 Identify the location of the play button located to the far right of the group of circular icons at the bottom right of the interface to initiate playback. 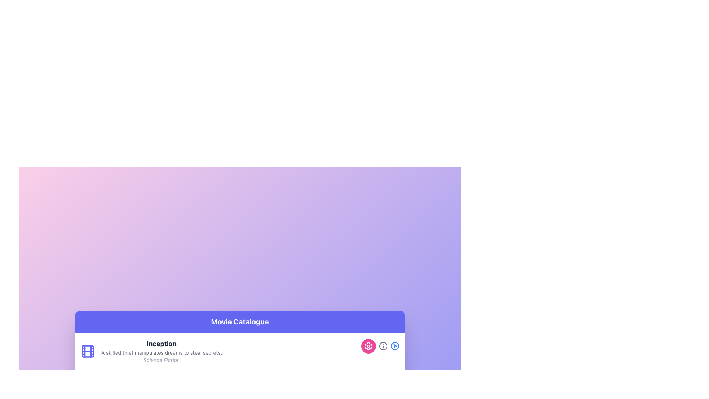
(395, 346).